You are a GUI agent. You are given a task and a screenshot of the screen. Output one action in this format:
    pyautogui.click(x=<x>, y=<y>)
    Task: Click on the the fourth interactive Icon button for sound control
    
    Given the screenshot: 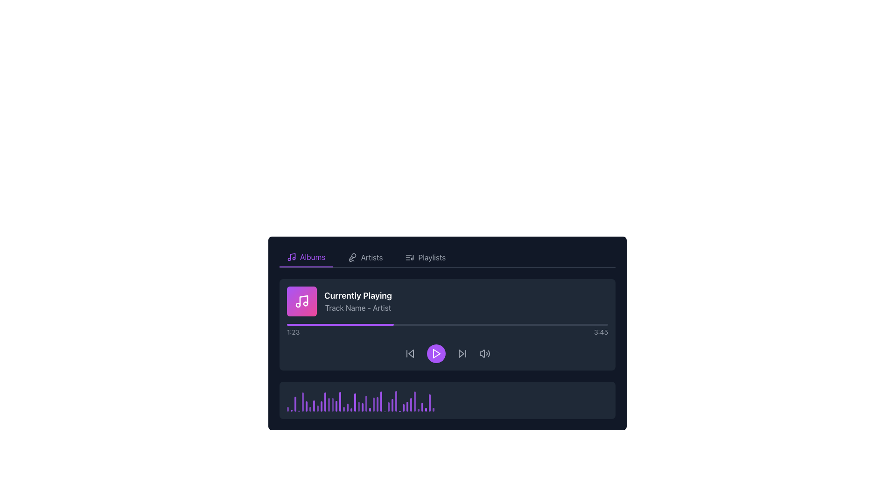 What is the action you would take?
    pyautogui.click(x=484, y=354)
    